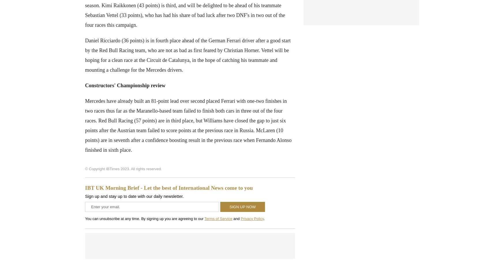 This screenshot has height=273, width=504. I want to click on 'Mercedes have already built an 81-point lead over second placed Ferrari with one-two finishes in two races thus far as the Maranello-based team failed to finish both cars in three out of the four races. Red Bull Racing (57 points) are in third place, but Williams have closed the gap to just six points after the Austrian team failed to score points at the previous race in Russia. McLaren (10 points) are in seventh after a confidence boosting result in the previous race when Fernando Alonso finished in sixth place.', so click(188, 125).